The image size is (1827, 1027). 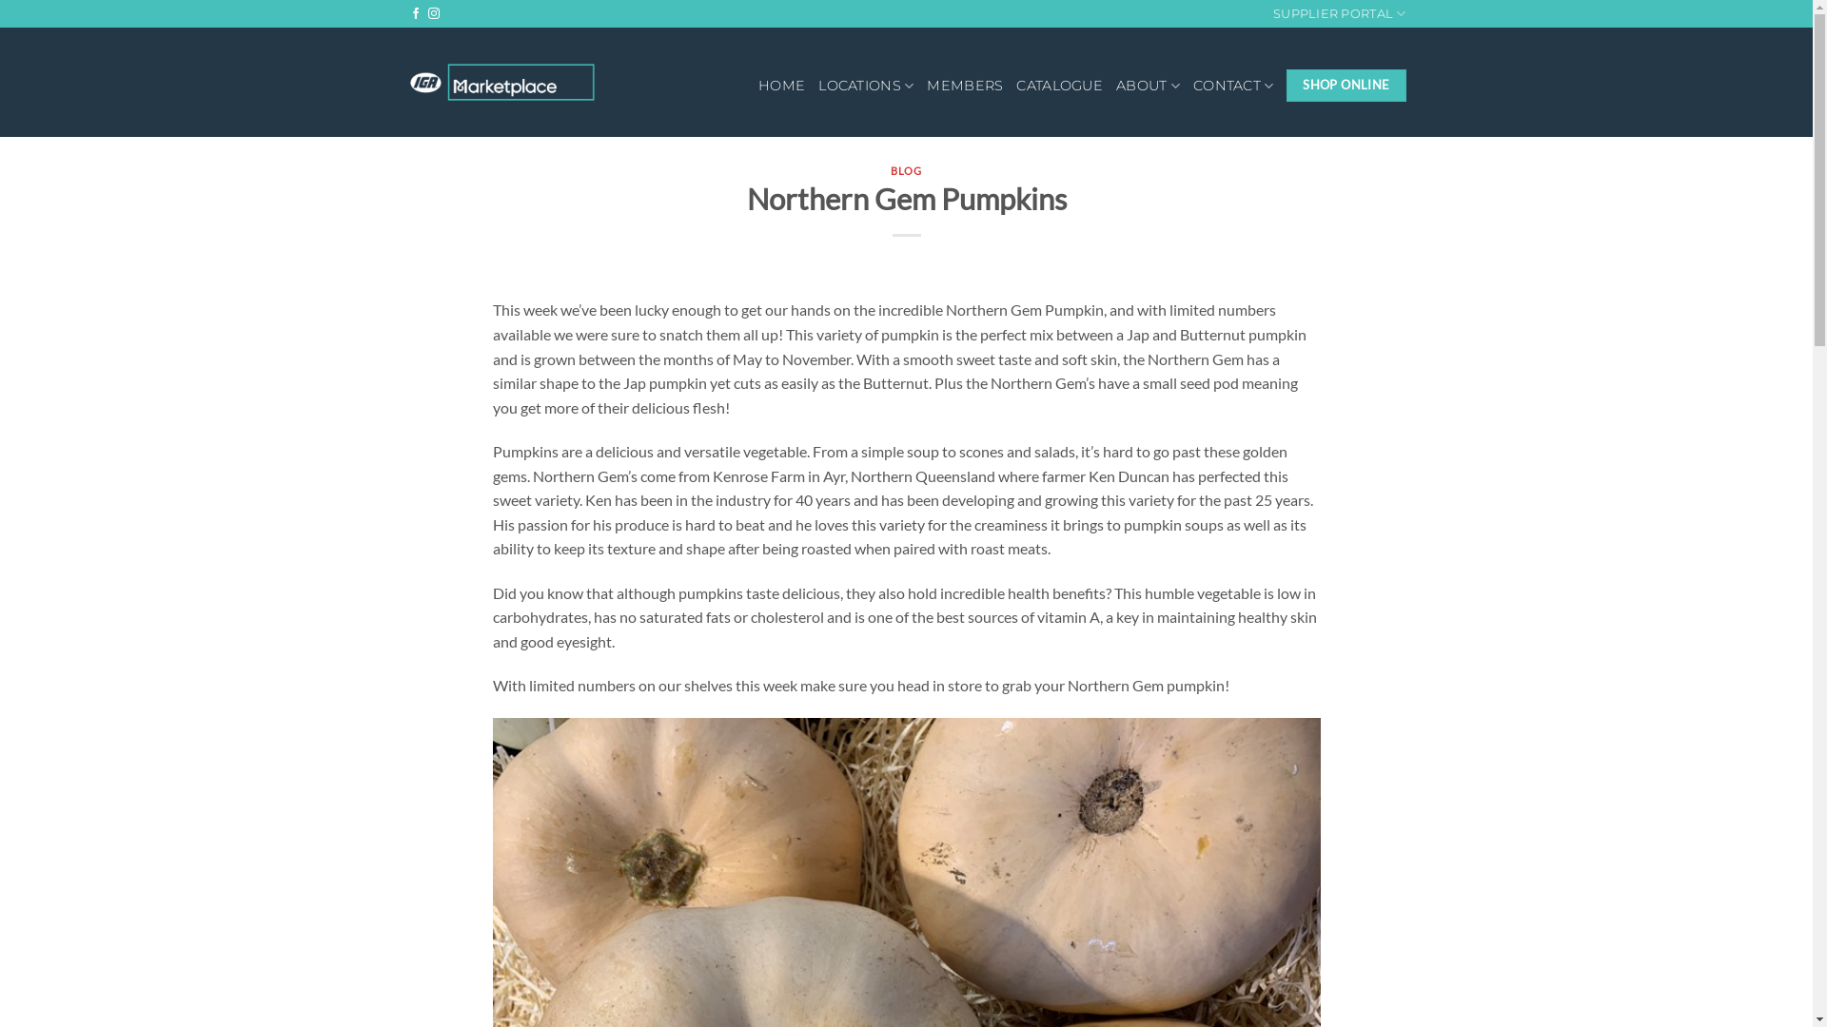 I want to click on 'IGA Marketplace', so click(x=502, y=81).